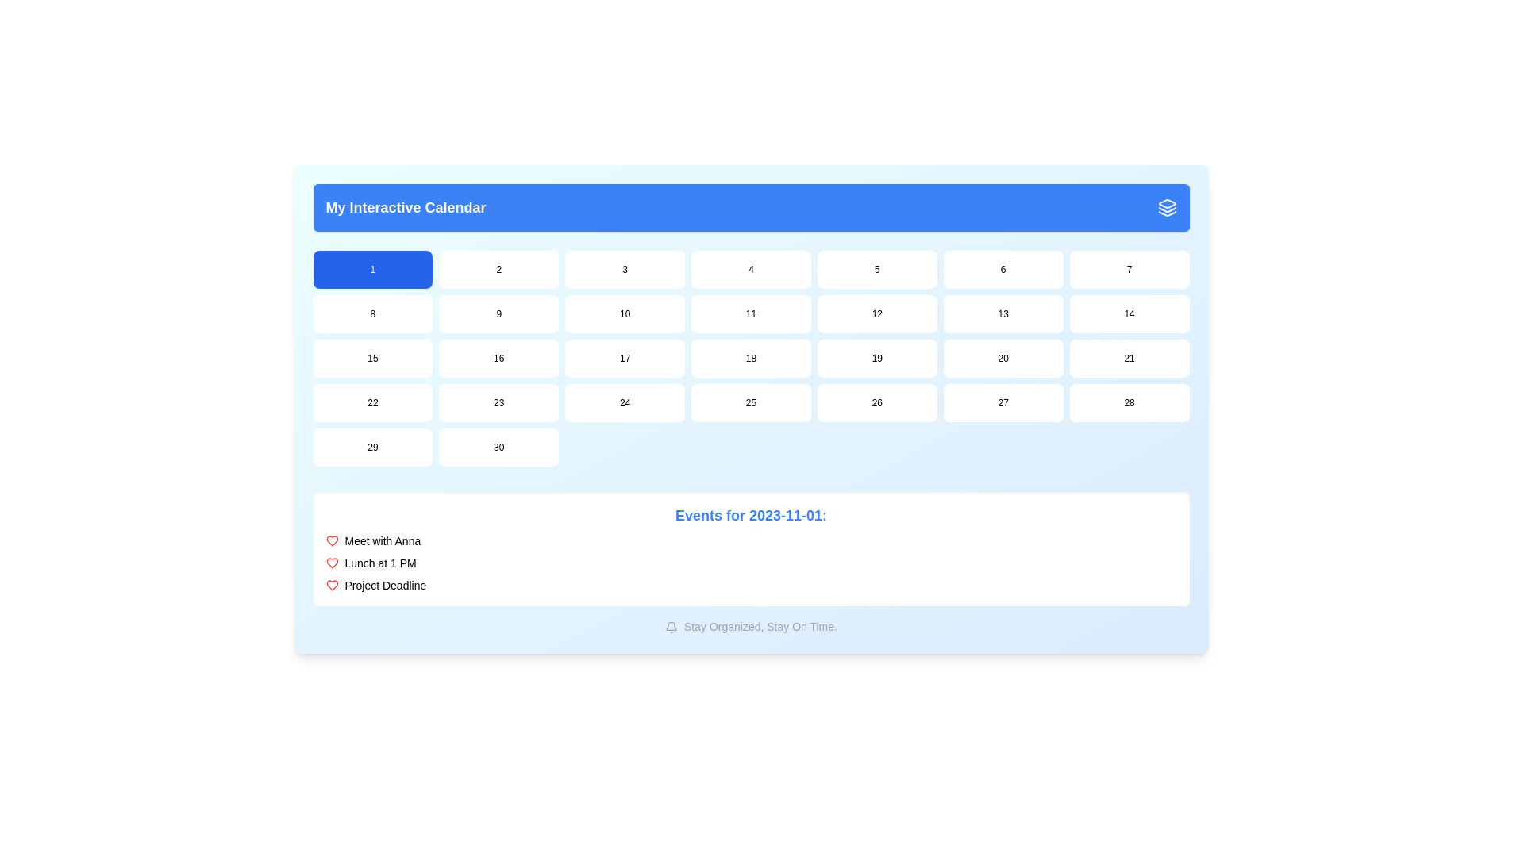  Describe the element at coordinates (331, 540) in the screenshot. I see `the heart icon styled in red color, which is positioned to the left of the 'Meet with Anna' text in the events list` at that location.